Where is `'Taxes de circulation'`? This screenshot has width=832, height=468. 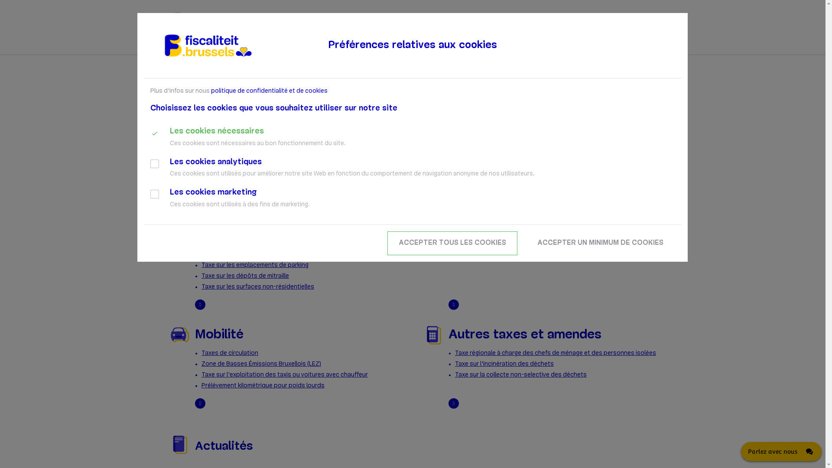 'Taxes de circulation' is located at coordinates (230, 353).